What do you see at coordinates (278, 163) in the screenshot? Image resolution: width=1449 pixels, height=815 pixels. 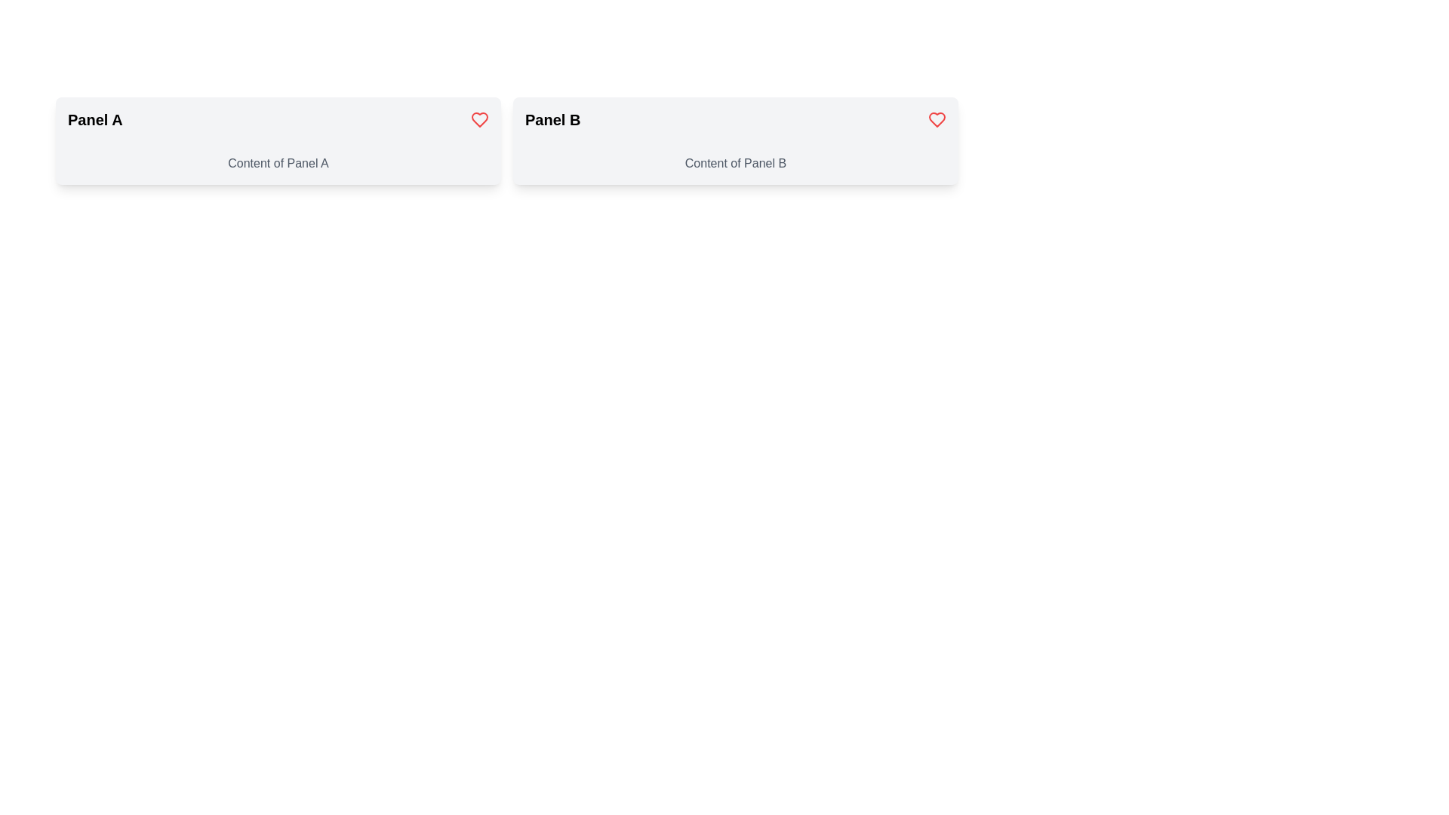 I see `the text block displaying 'Content of Panel A' in gray text, which is located inside the leftmost panel marked 'Panel A', positioned below its header` at bounding box center [278, 163].